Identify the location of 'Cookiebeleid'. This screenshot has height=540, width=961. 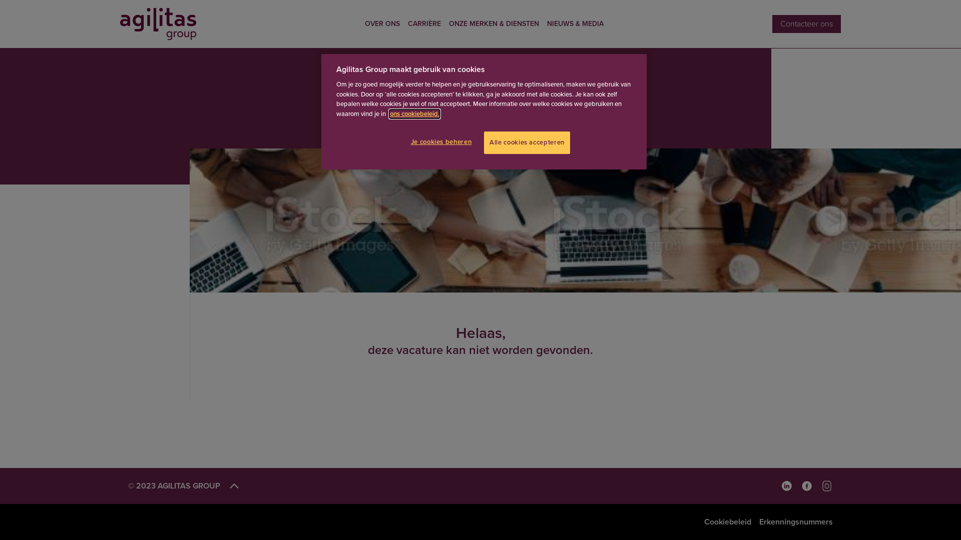
(703, 521).